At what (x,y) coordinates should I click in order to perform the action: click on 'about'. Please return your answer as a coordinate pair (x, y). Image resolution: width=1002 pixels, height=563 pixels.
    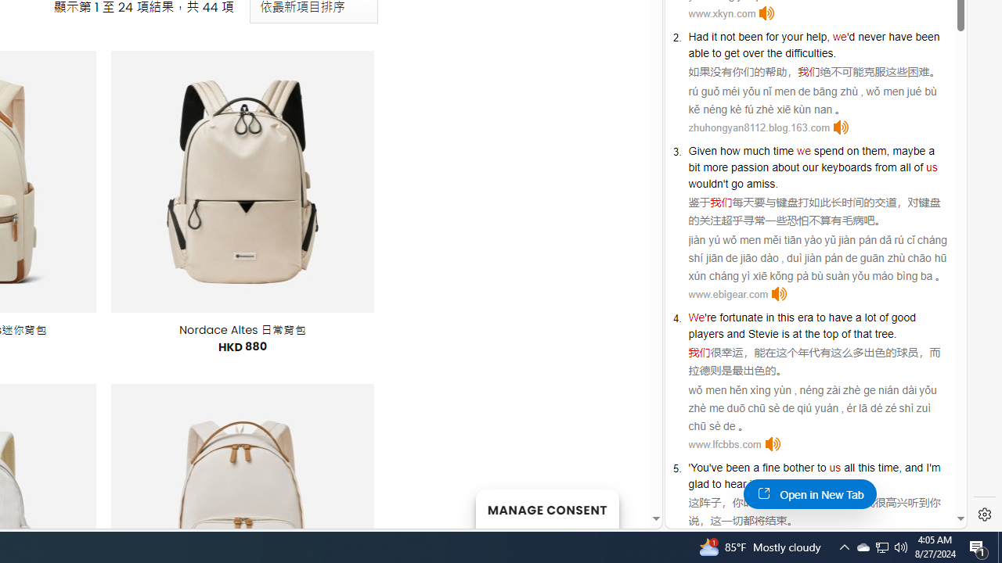
    Looking at the image, I should click on (785, 167).